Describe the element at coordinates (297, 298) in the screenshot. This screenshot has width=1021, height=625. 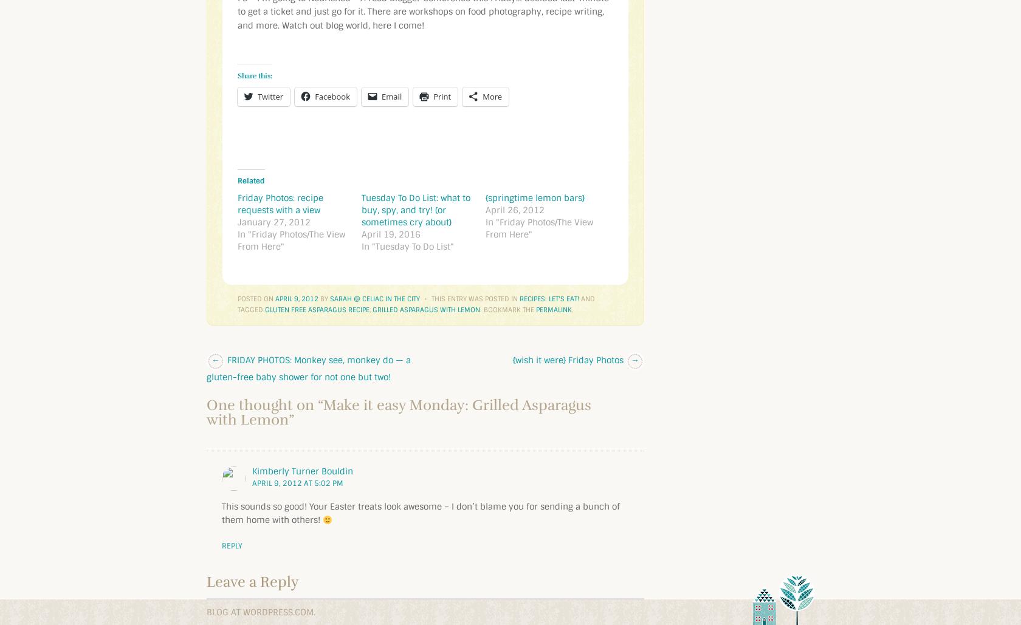
I see `'April 9, 2012'` at that location.